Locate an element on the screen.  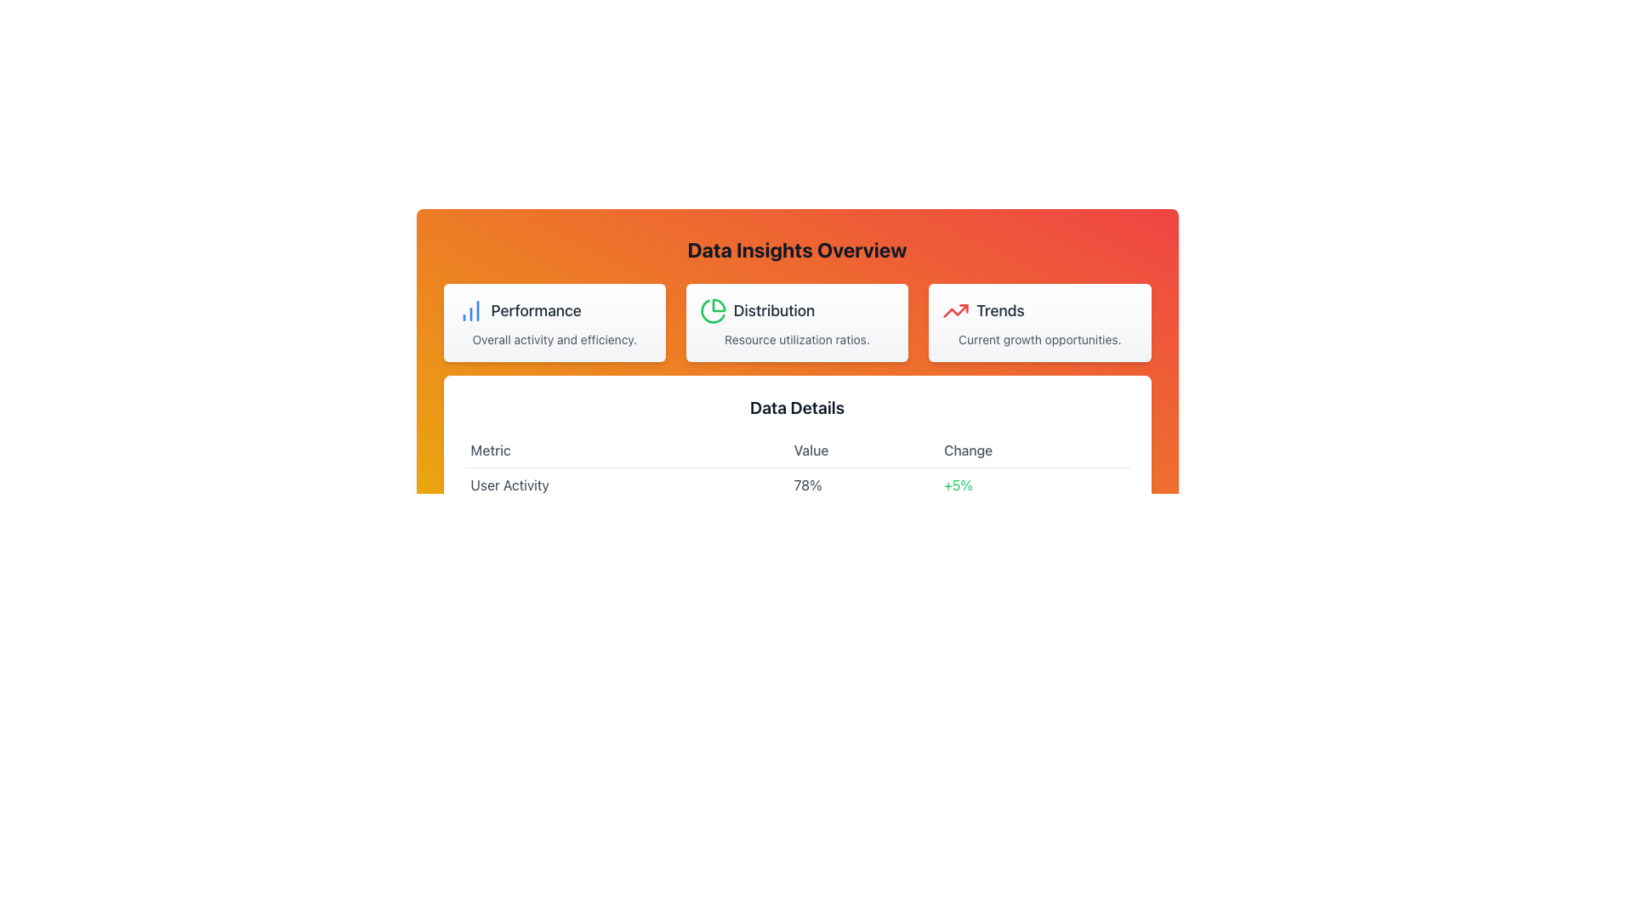
the blue bar chart icon located next to the 'Performance' text label is located at coordinates (470, 311).